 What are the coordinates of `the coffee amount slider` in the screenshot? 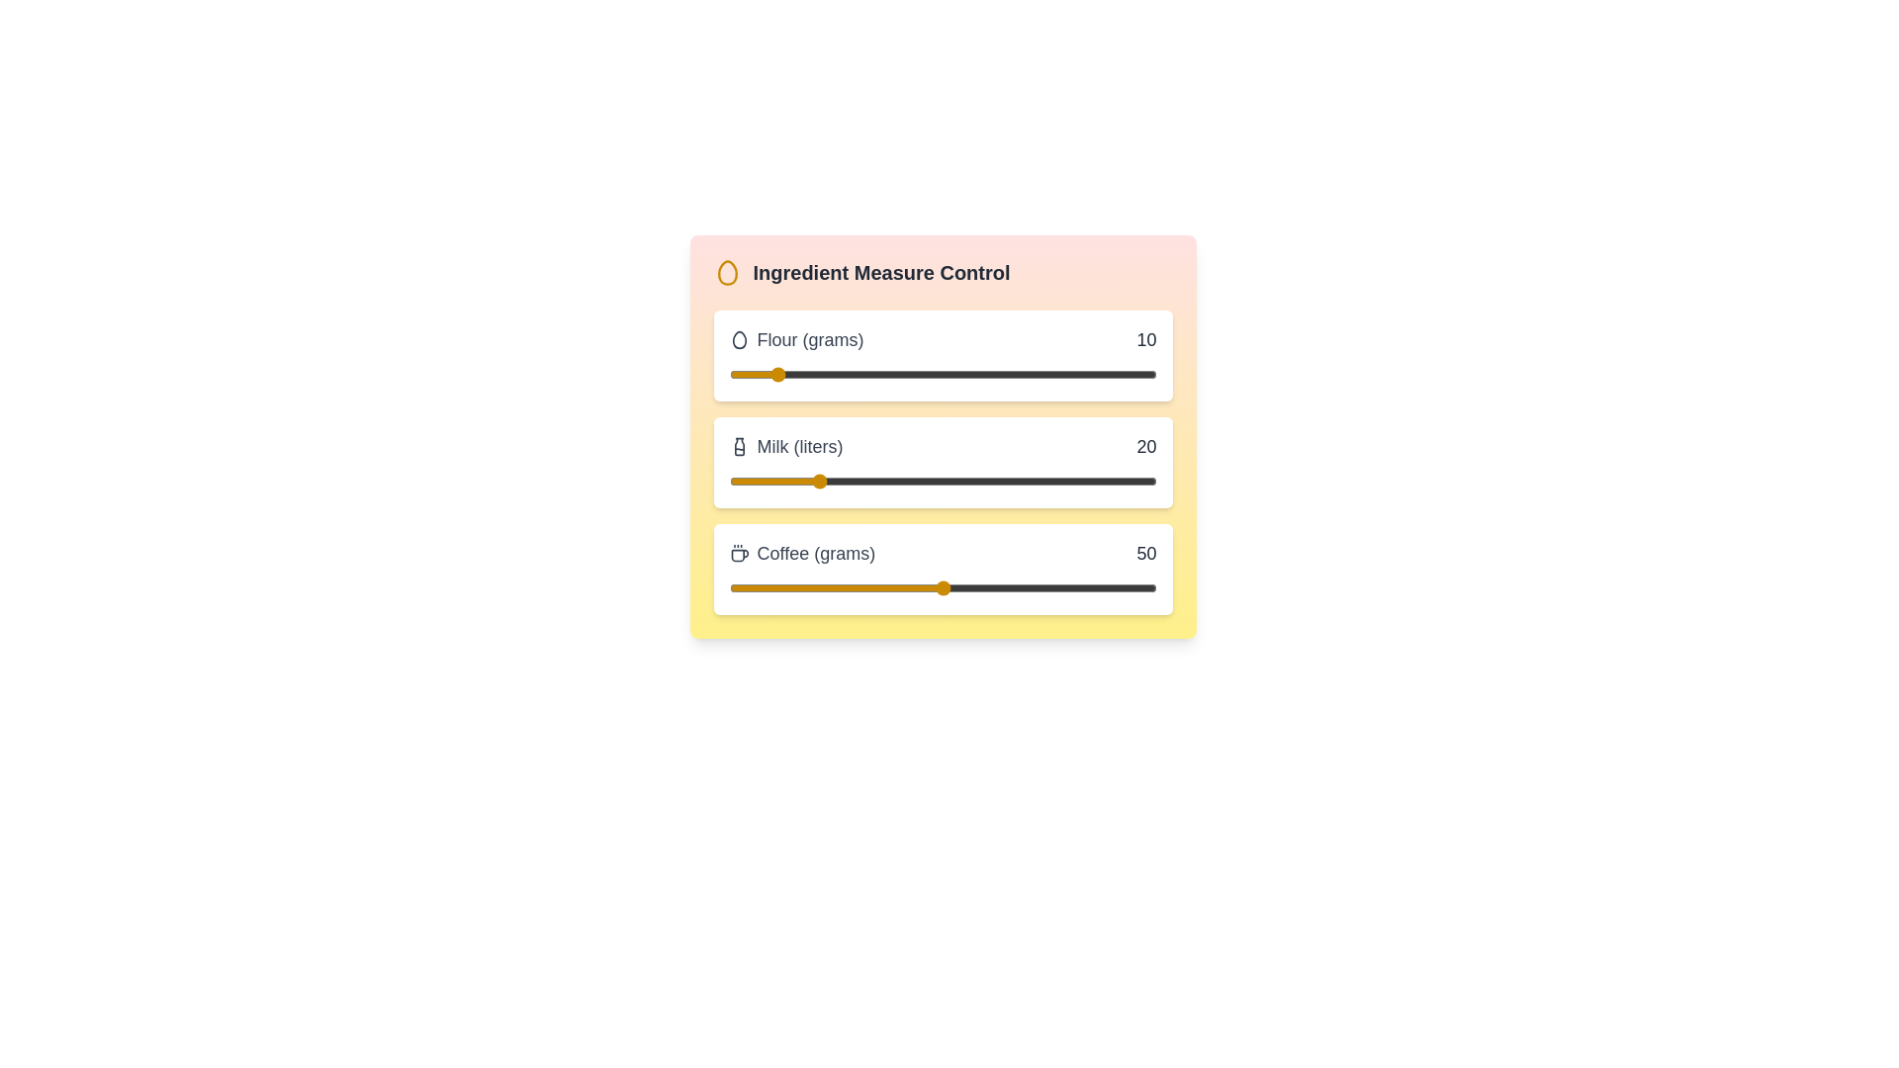 It's located at (1002, 586).